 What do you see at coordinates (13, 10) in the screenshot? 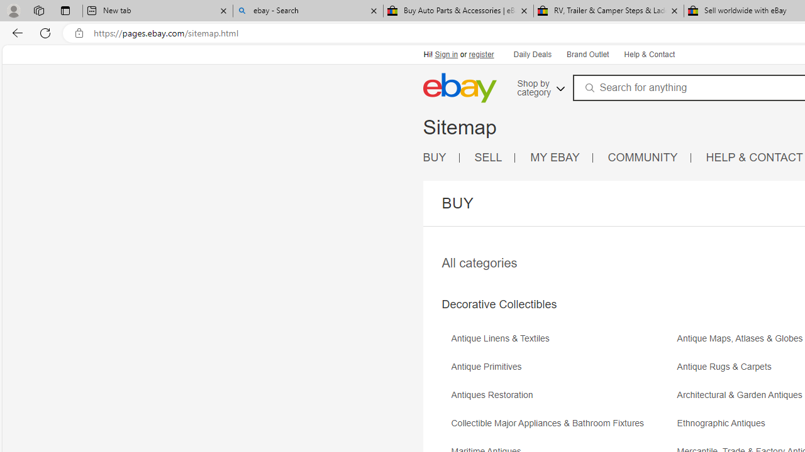
I see `'Personal Profile'` at bounding box center [13, 10].